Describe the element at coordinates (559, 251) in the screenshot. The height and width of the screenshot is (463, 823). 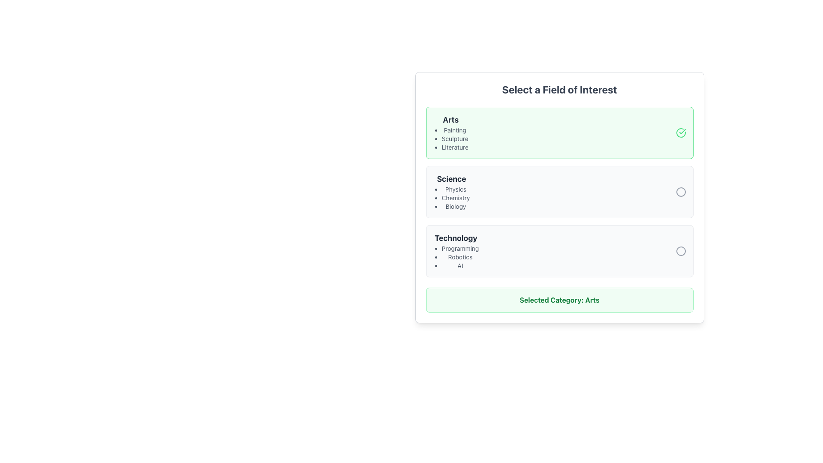
I see `the 'Technology' section of the selectable list to trigger additional effects` at that location.